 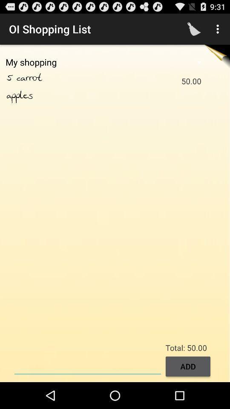 I want to click on the item above the total: 50.00 icon, so click(x=218, y=29).